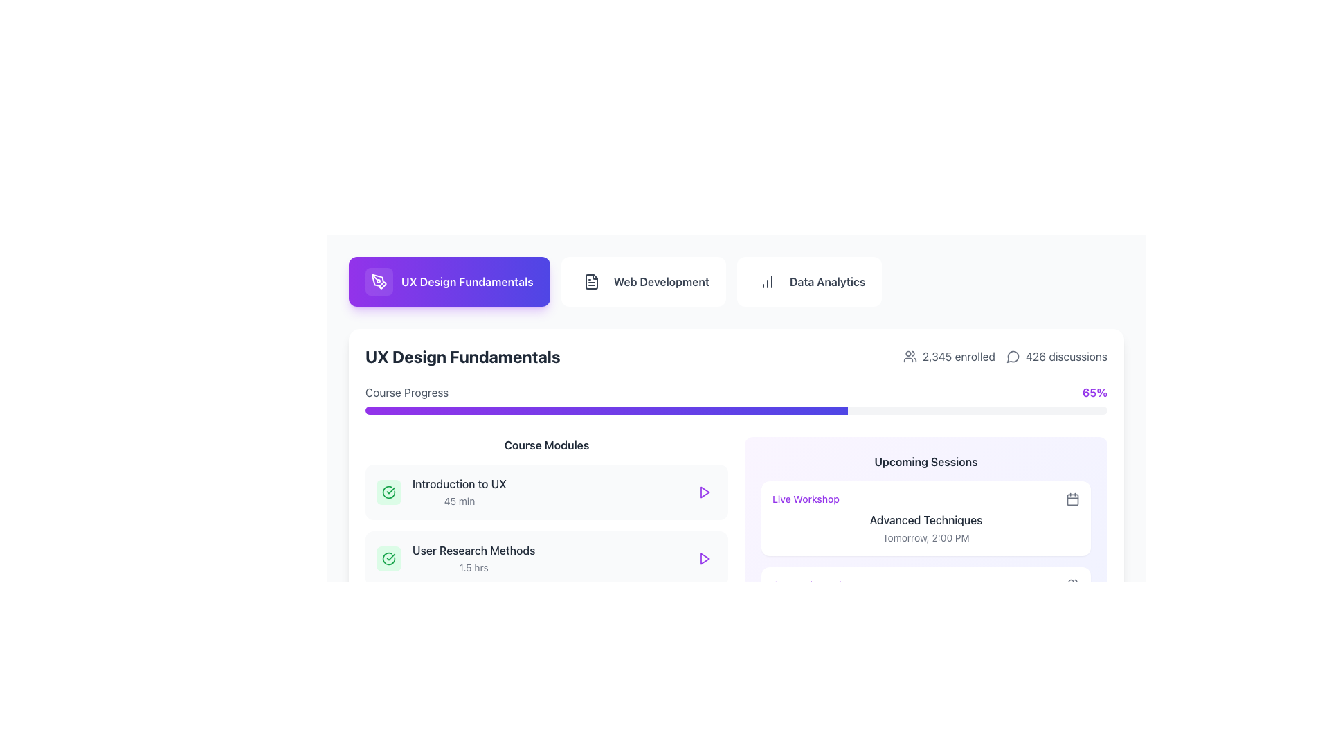 The height and width of the screenshot is (748, 1329). What do you see at coordinates (809, 281) in the screenshot?
I see `the 'Data Analytics' button, which is the third button in a horizontal row at the top center of the interface` at bounding box center [809, 281].